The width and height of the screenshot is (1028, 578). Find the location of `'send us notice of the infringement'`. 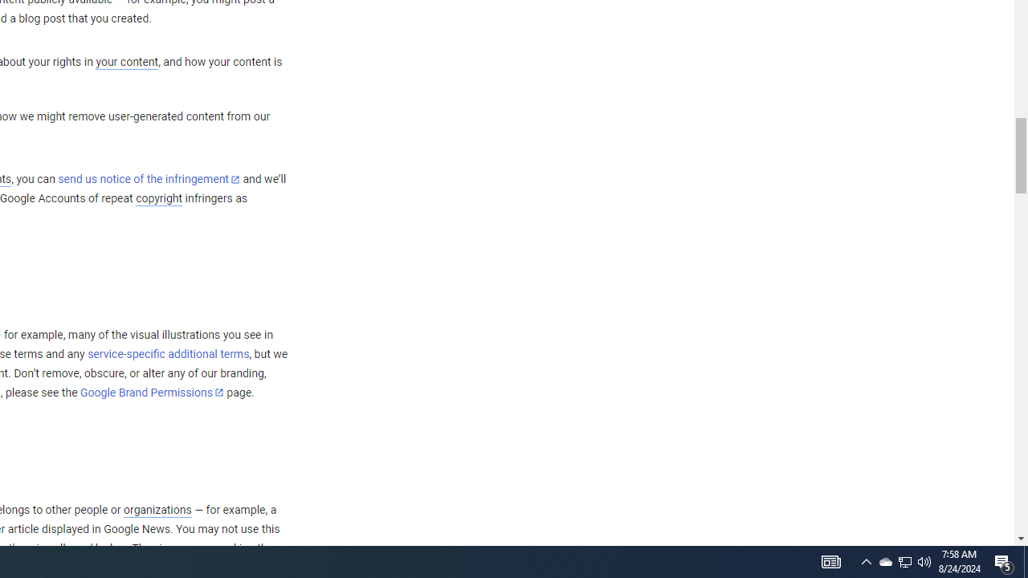

'send us notice of the infringement' is located at coordinates (149, 180).